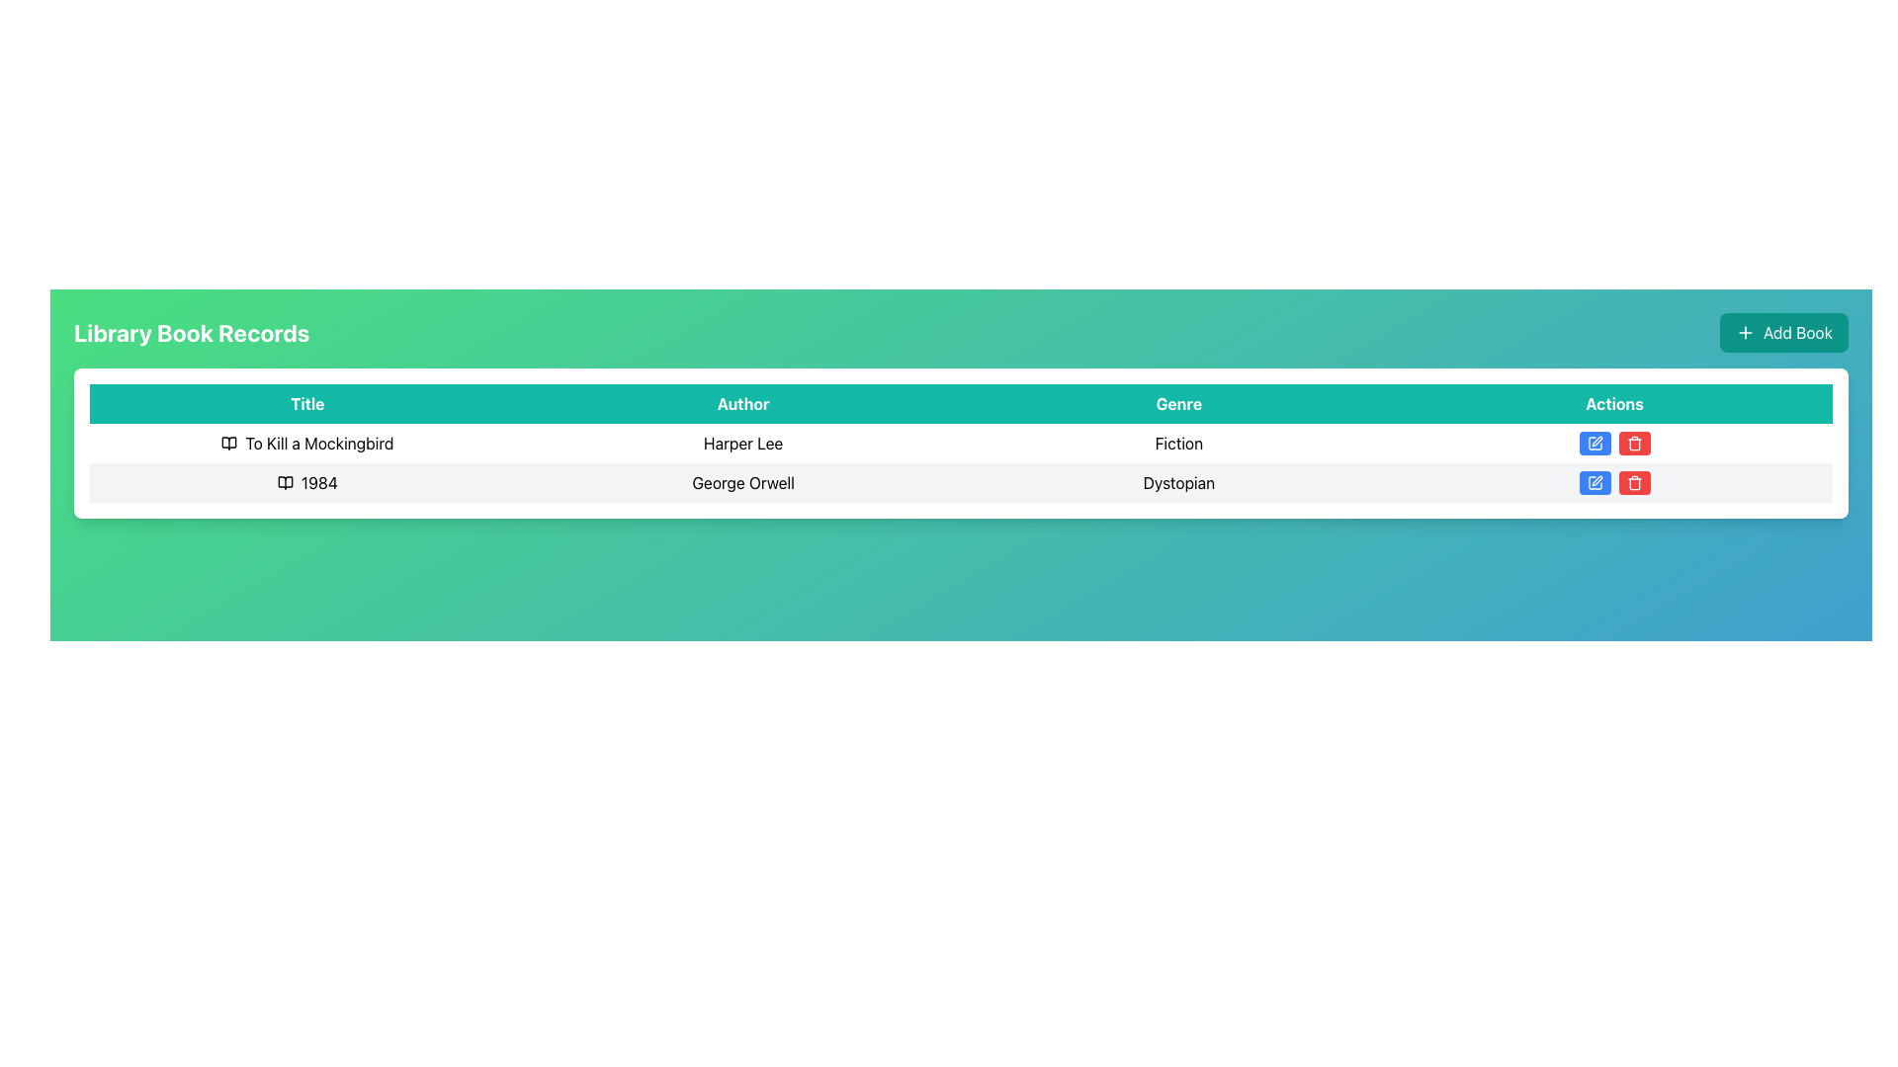 This screenshot has height=1067, width=1898. I want to click on text displayed in the Text Label representing the author 'Harper Lee' located in the second column of the first data row in a table structure, so click(742, 442).